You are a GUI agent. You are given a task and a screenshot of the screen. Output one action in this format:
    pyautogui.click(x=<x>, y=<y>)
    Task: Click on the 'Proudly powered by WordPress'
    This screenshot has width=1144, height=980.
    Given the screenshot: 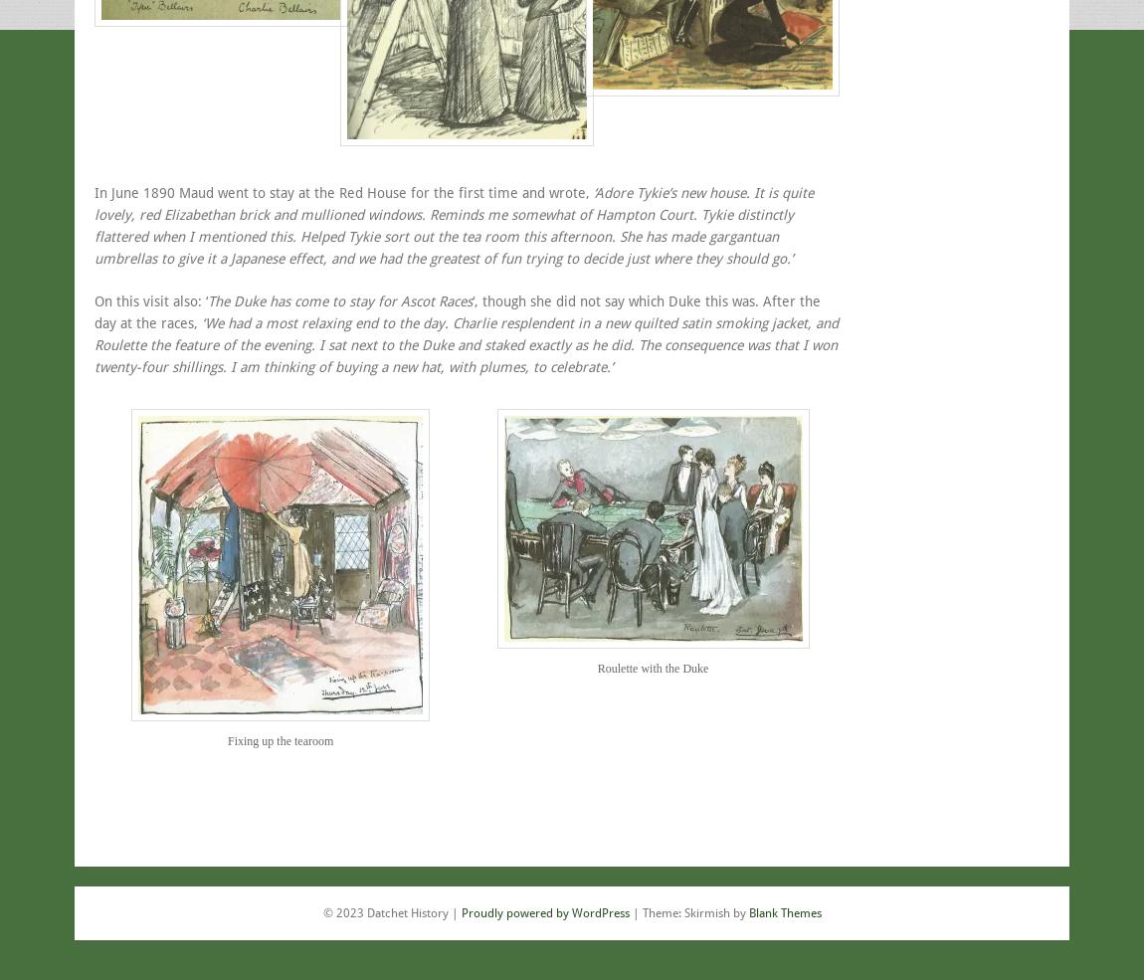 What is the action you would take?
    pyautogui.click(x=460, y=913)
    